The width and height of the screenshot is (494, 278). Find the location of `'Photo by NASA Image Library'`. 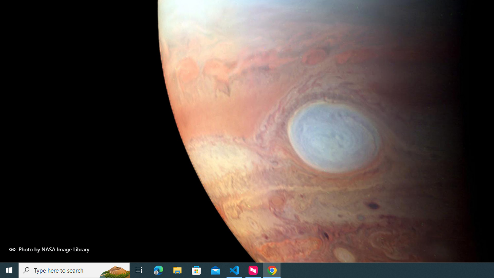

'Photo by NASA Image Library' is located at coordinates (49, 249).